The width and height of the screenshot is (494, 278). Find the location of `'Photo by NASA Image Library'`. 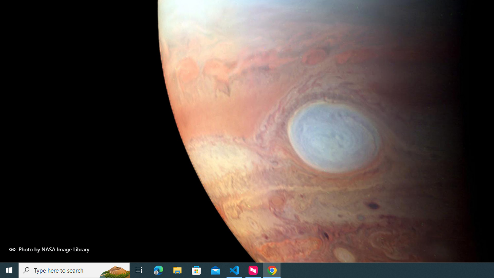

'Photo by NASA Image Library' is located at coordinates (49, 249).